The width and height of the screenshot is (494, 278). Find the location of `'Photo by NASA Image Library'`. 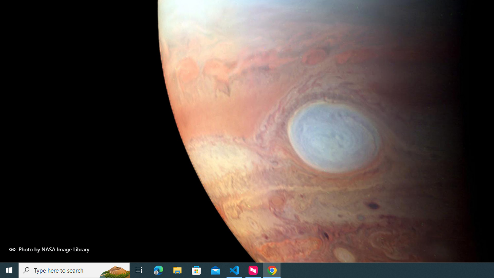

'Photo by NASA Image Library' is located at coordinates (49, 249).